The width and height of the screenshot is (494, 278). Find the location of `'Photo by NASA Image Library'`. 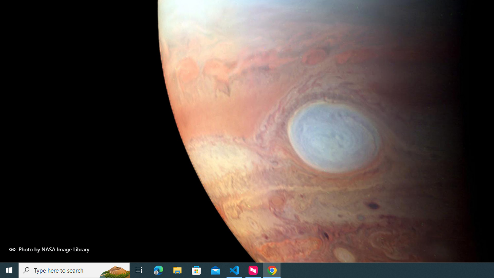

'Photo by NASA Image Library' is located at coordinates (49, 249).